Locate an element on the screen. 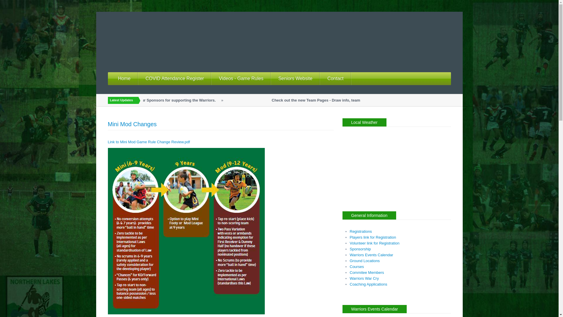 The height and width of the screenshot is (317, 563). 'Players link for Registration' is located at coordinates (372, 237).